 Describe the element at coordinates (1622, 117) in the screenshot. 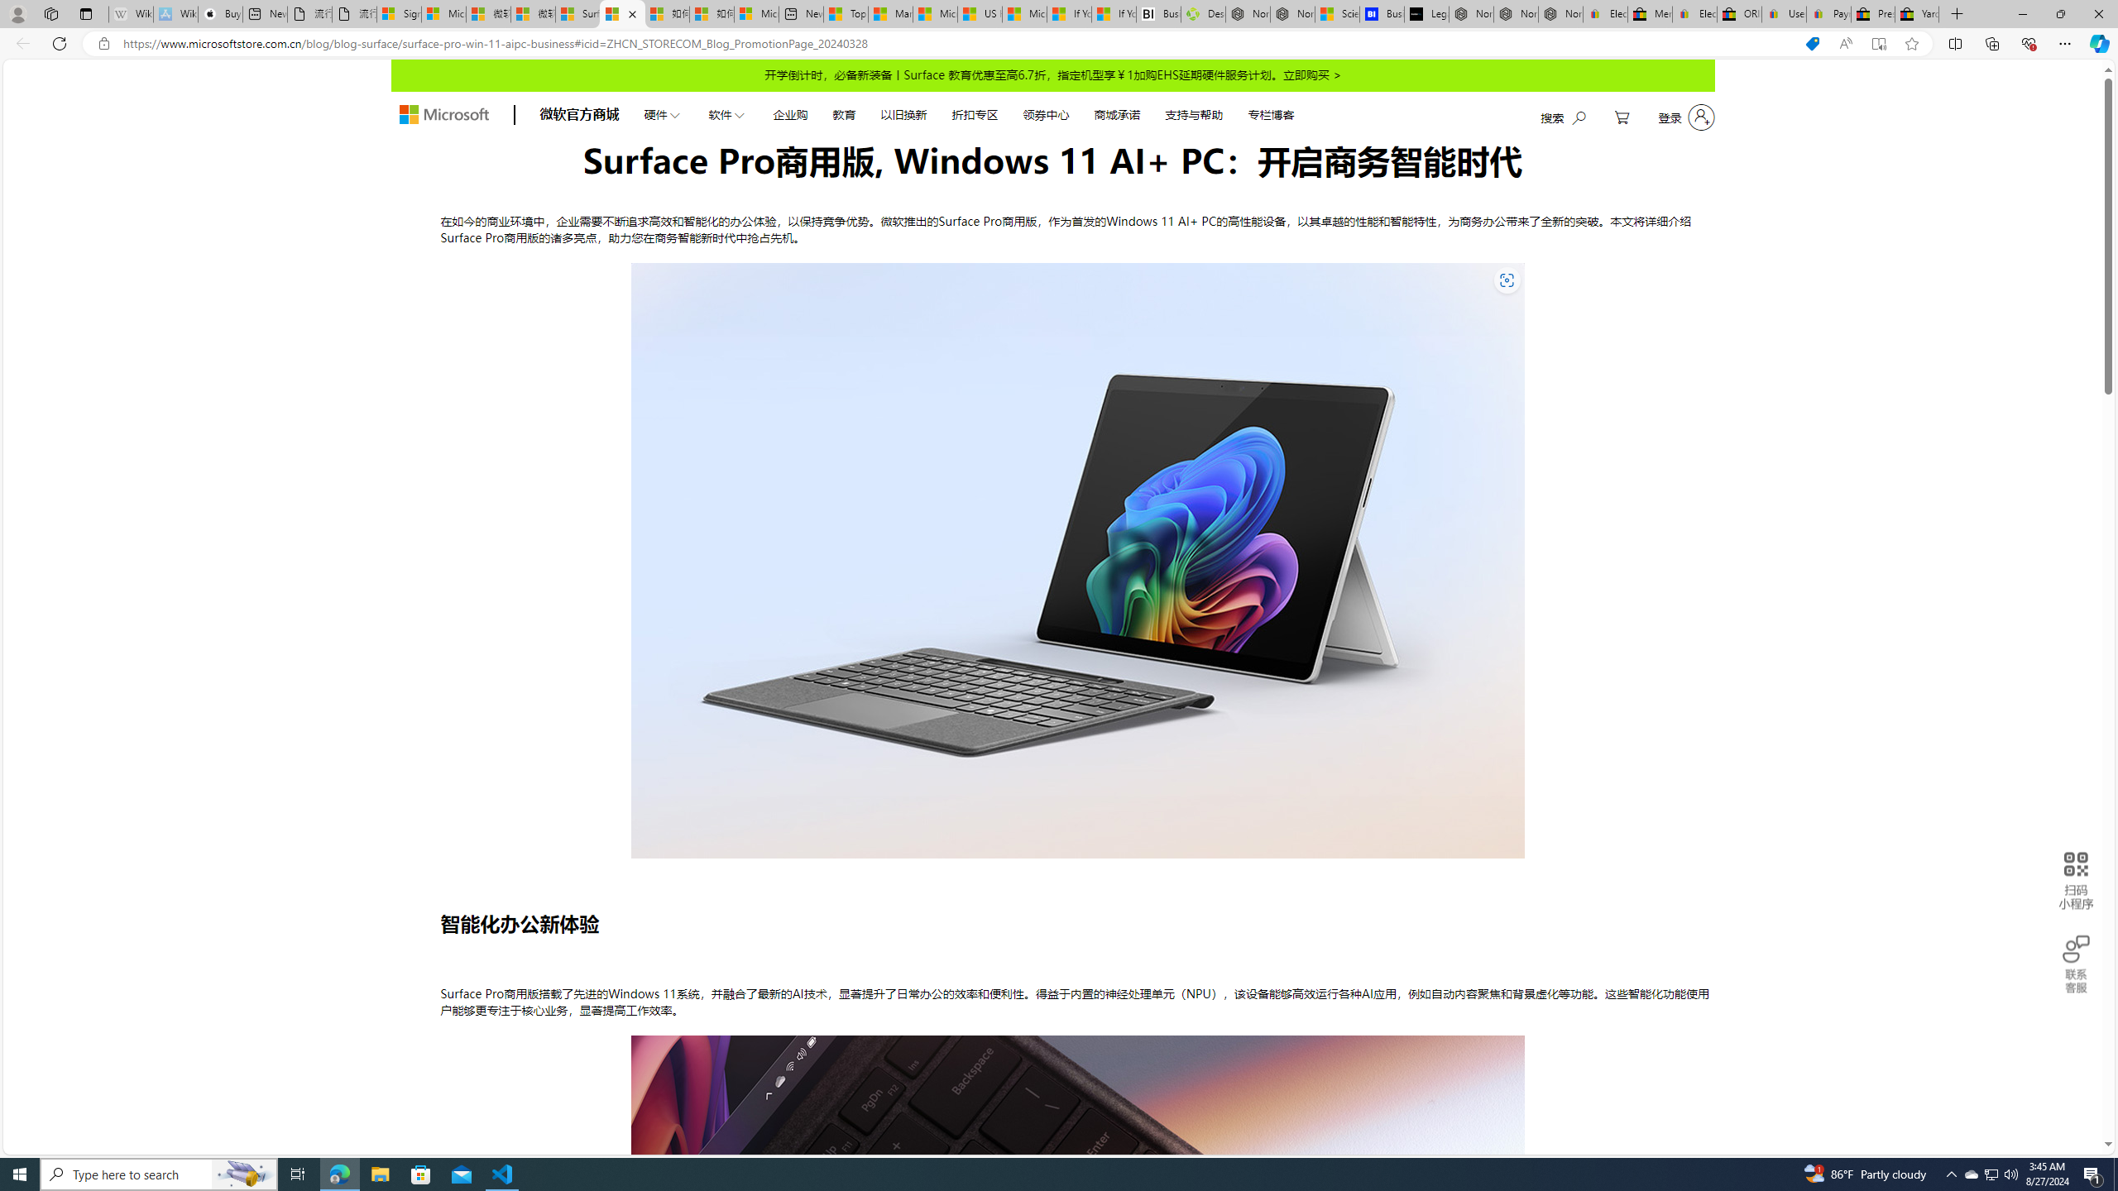

I see `'My Cart'` at that location.